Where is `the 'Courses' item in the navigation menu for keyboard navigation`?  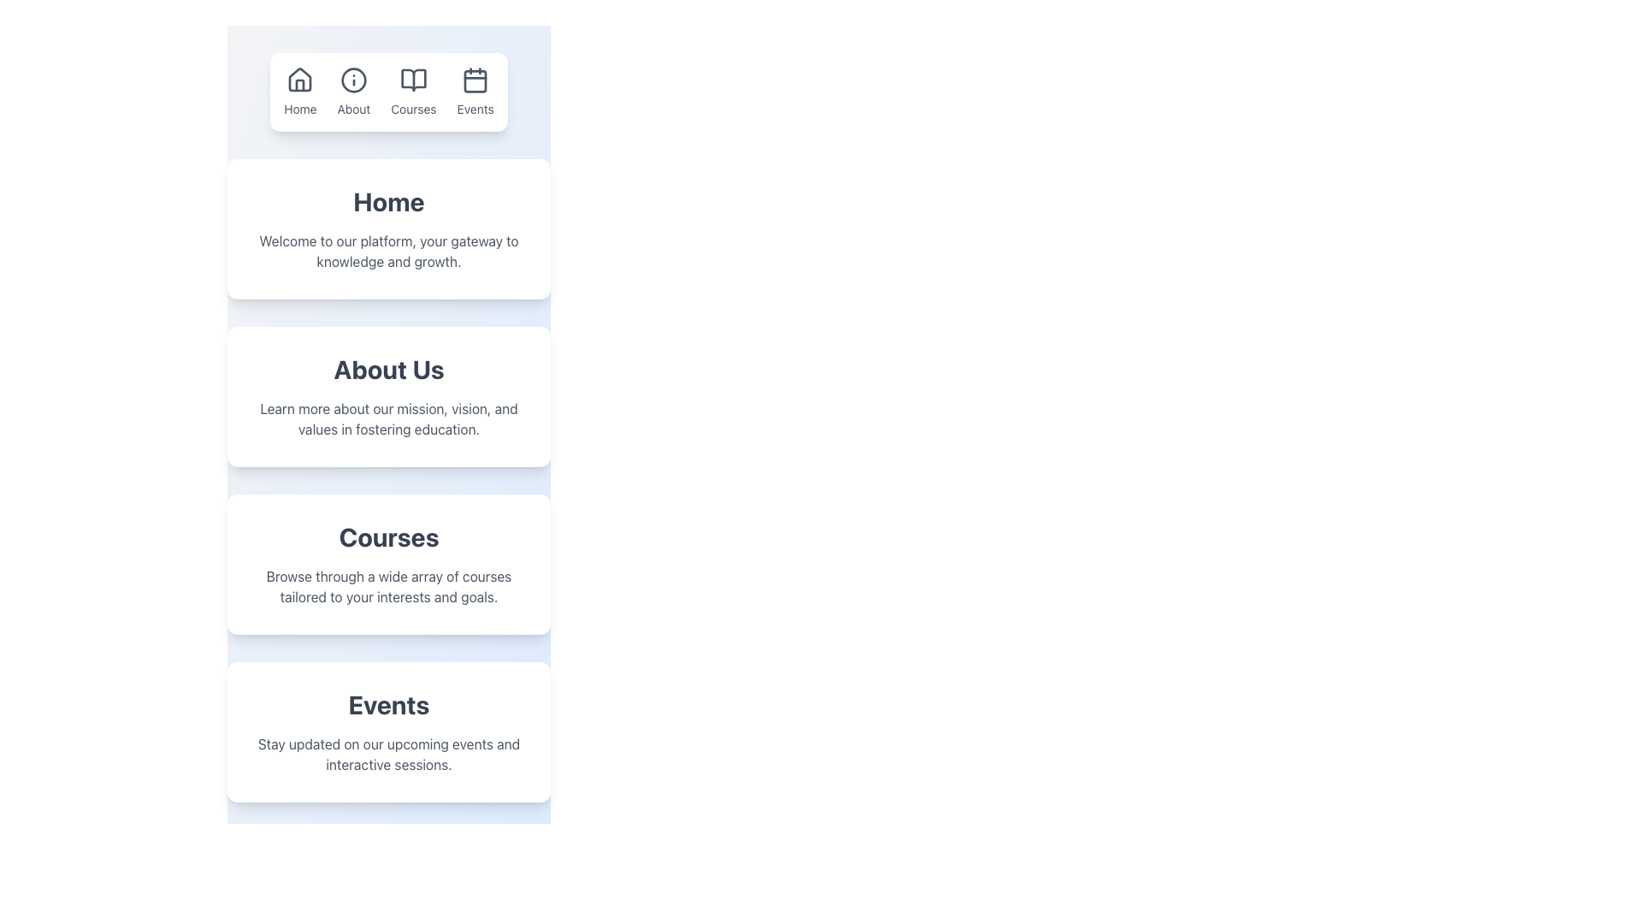
the 'Courses' item in the navigation menu for keyboard navigation is located at coordinates (388, 92).